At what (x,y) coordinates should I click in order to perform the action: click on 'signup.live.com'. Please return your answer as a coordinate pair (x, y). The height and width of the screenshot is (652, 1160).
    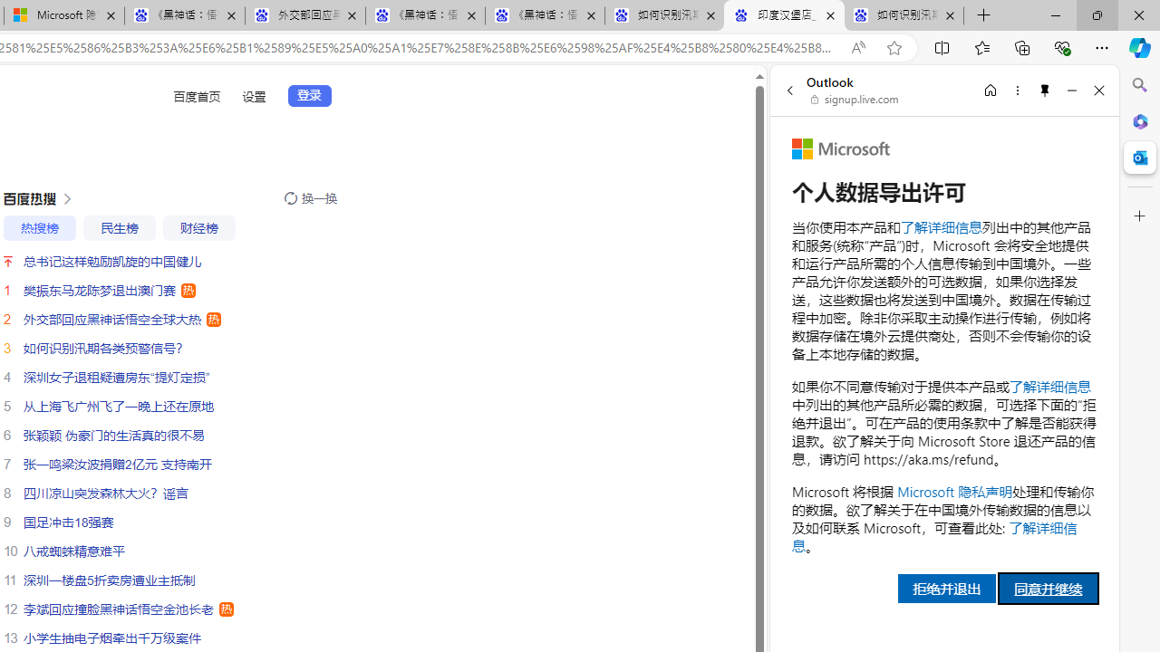
    Looking at the image, I should click on (855, 100).